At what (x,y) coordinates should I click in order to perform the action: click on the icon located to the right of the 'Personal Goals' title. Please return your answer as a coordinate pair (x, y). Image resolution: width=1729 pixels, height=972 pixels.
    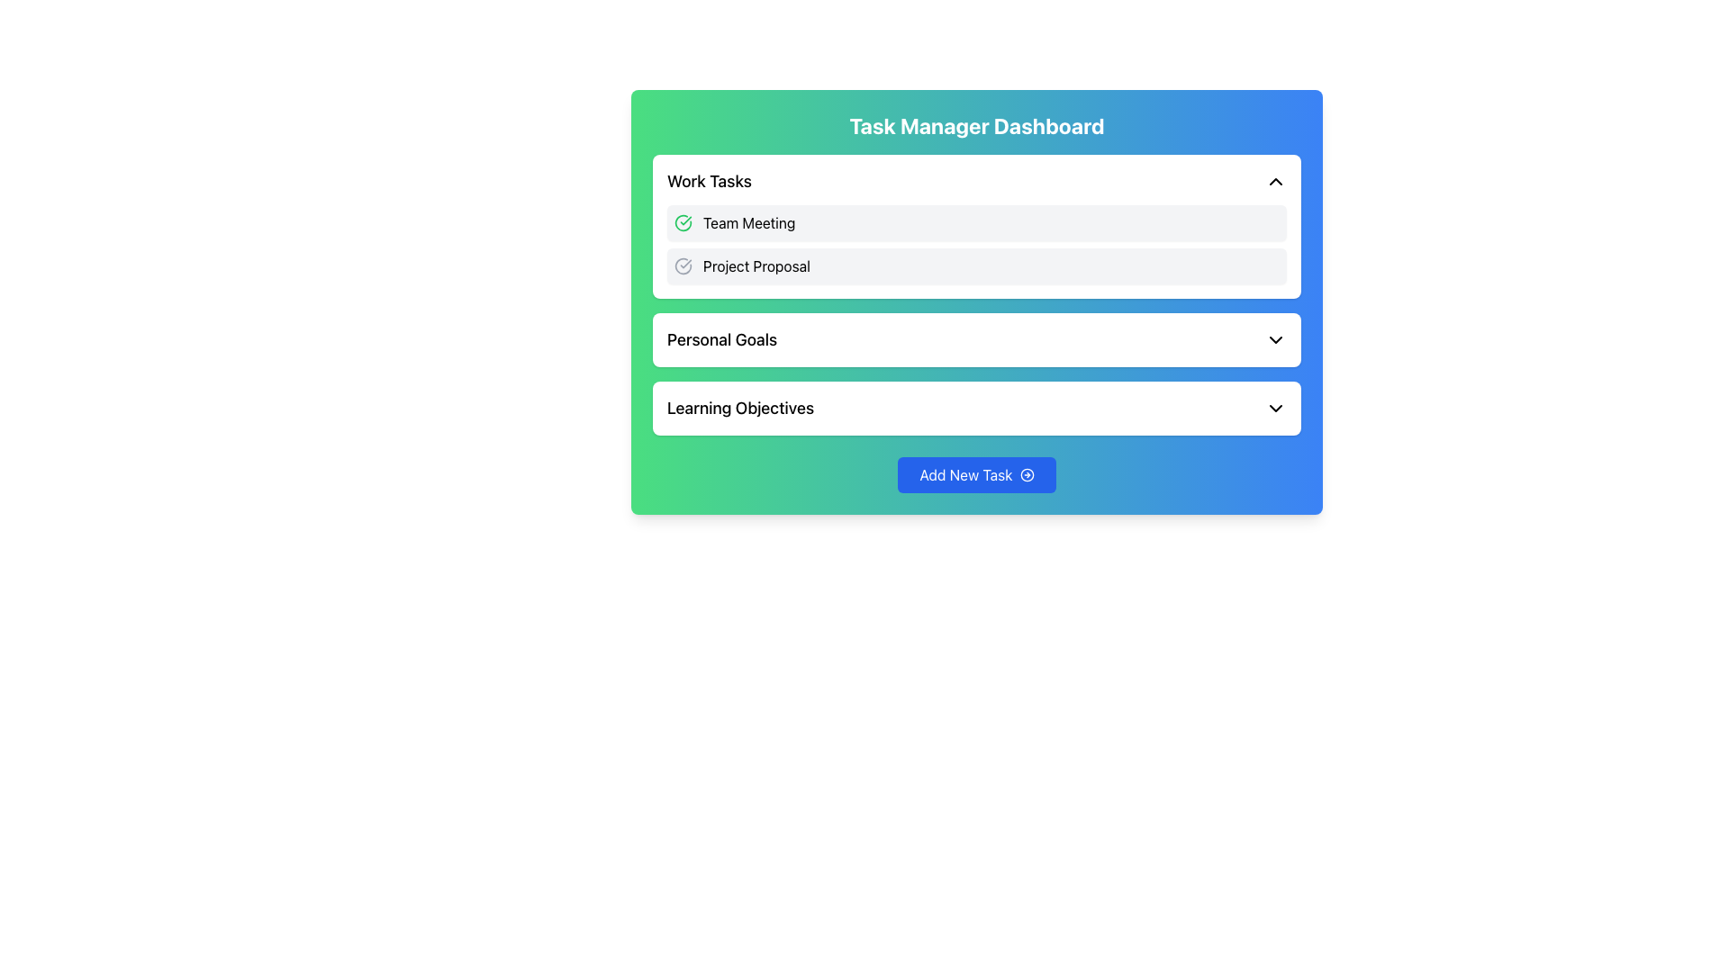
    Looking at the image, I should click on (1274, 340).